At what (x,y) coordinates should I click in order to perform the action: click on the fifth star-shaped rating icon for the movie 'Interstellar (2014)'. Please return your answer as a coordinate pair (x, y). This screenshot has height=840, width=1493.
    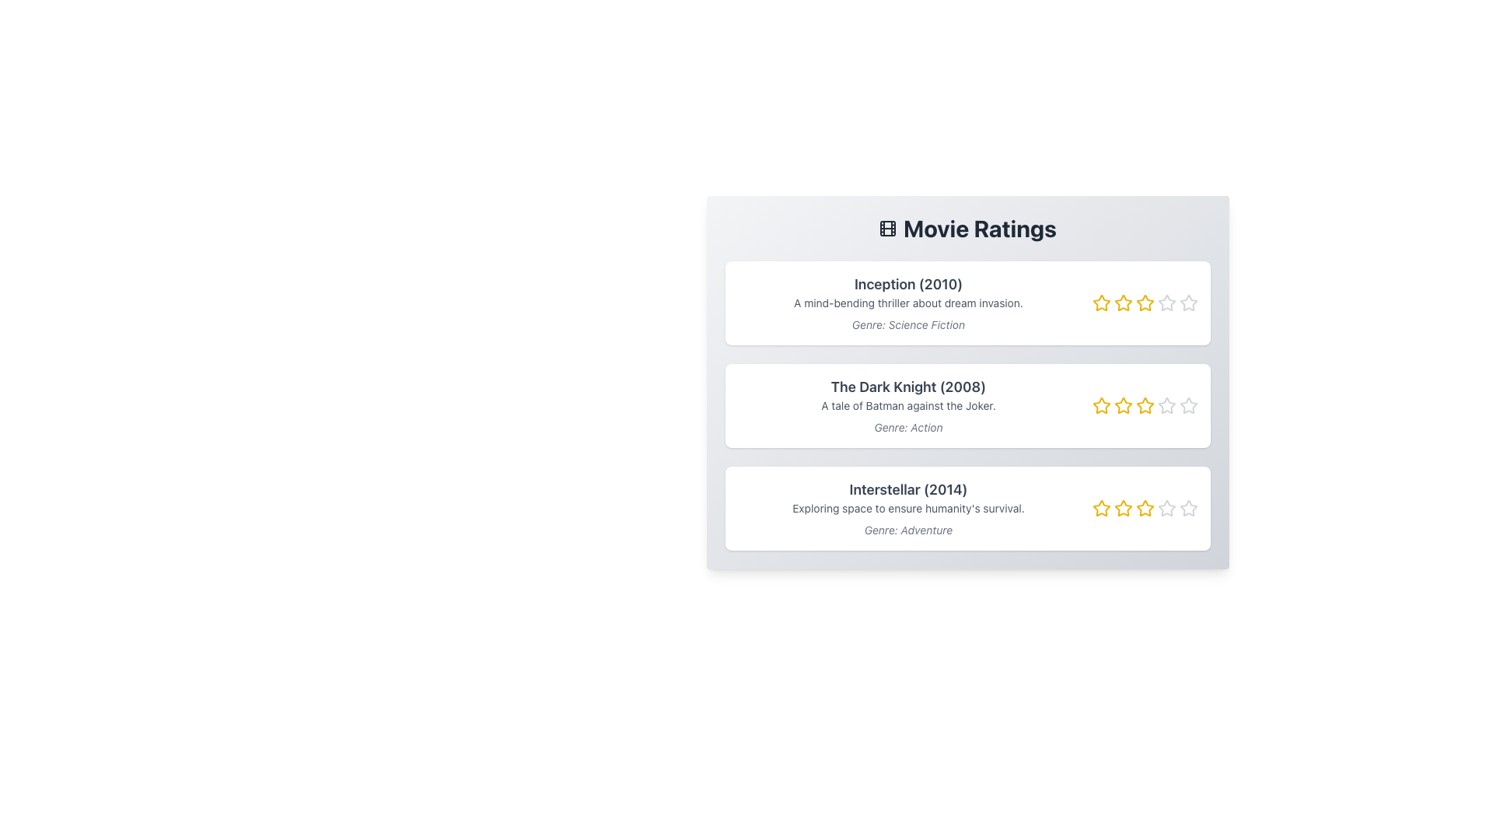
    Looking at the image, I should click on (1166, 508).